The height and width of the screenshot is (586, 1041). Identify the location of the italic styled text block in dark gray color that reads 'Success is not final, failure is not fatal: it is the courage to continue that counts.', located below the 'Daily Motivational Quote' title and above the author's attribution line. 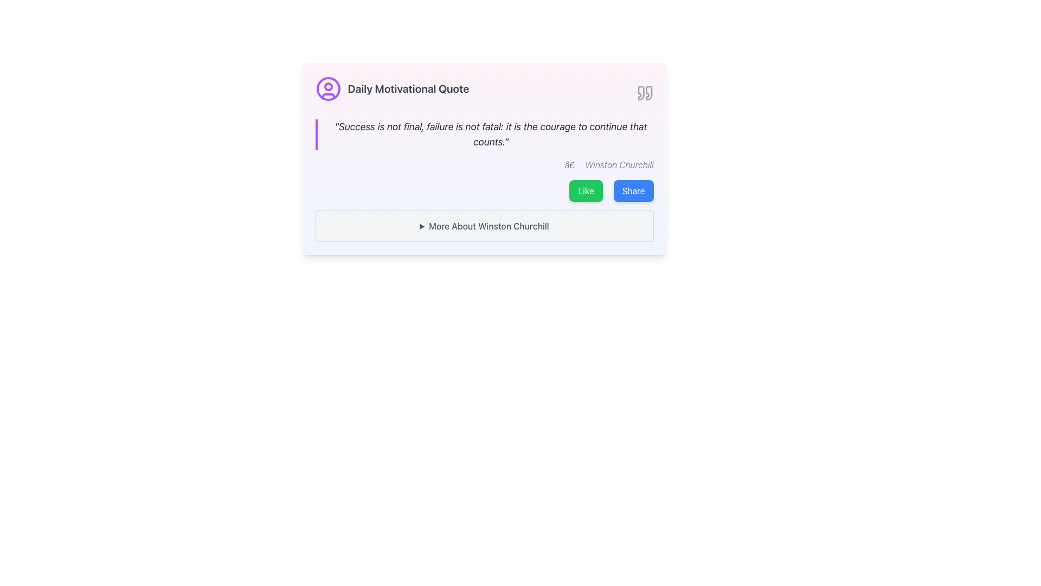
(484, 133).